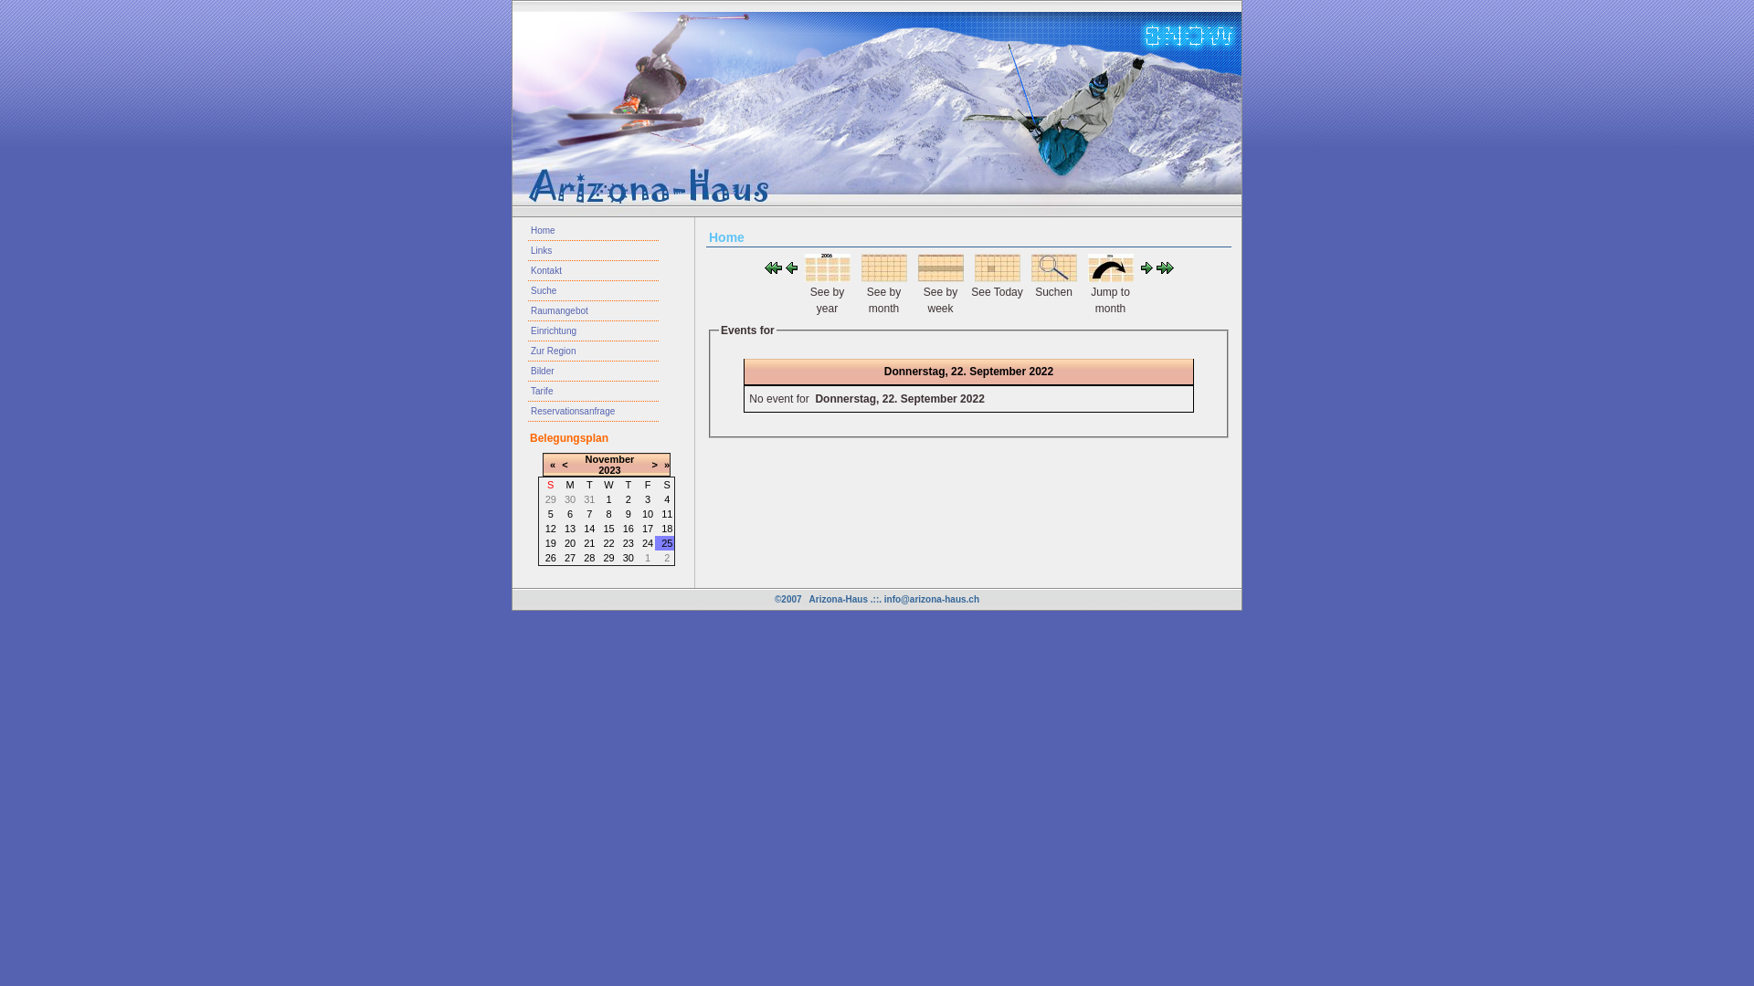 The image size is (1754, 986). What do you see at coordinates (593, 230) in the screenshot?
I see `'Home'` at bounding box center [593, 230].